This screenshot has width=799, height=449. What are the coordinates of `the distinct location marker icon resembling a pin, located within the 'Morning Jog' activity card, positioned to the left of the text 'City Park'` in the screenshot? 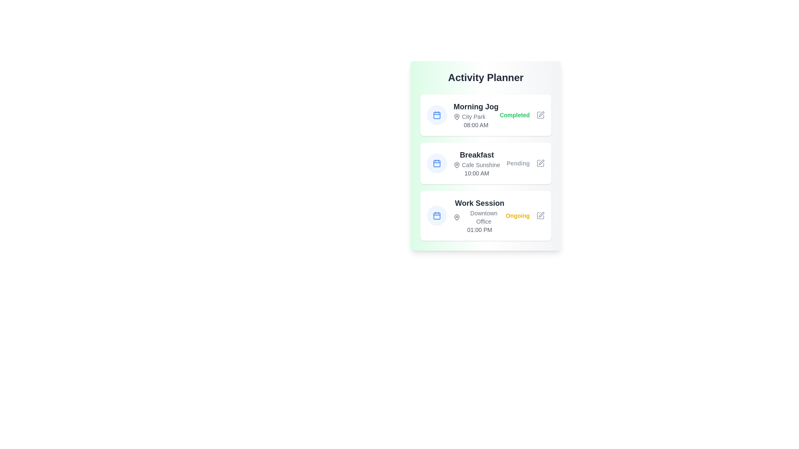 It's located at (457, 116).